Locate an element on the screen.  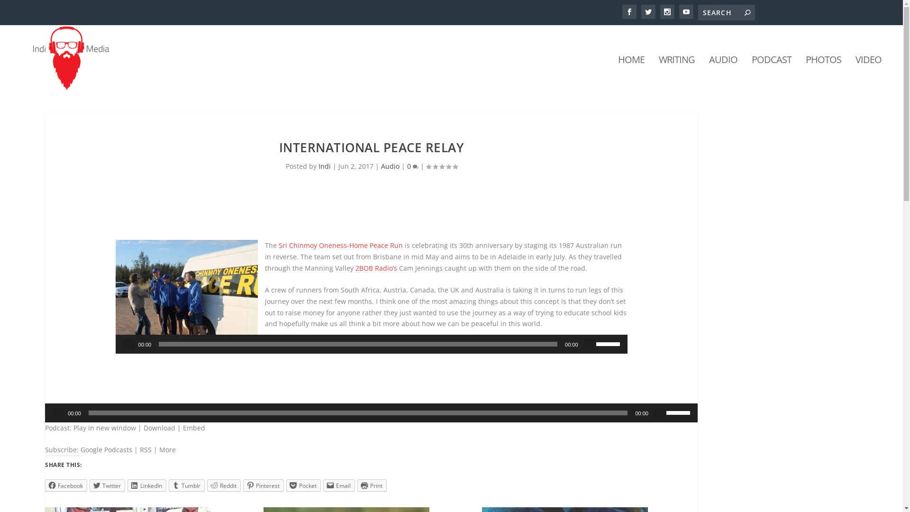
'Embed' is located at coordinates (193, 428).